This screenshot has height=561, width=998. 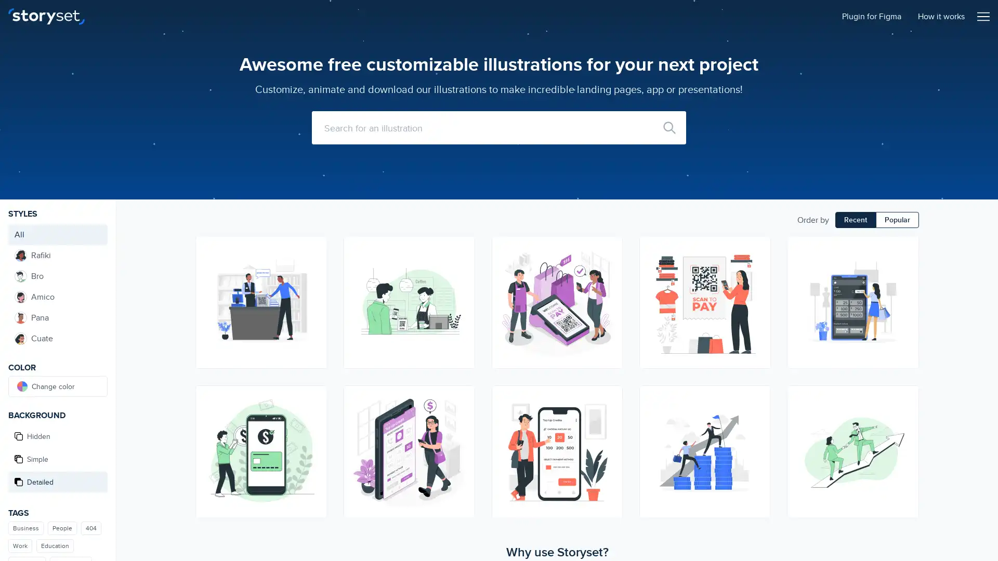 What do you see at coordinates (313, 416) in the screenshot?
I see `download icon Download` at bounding box center [313, 416].